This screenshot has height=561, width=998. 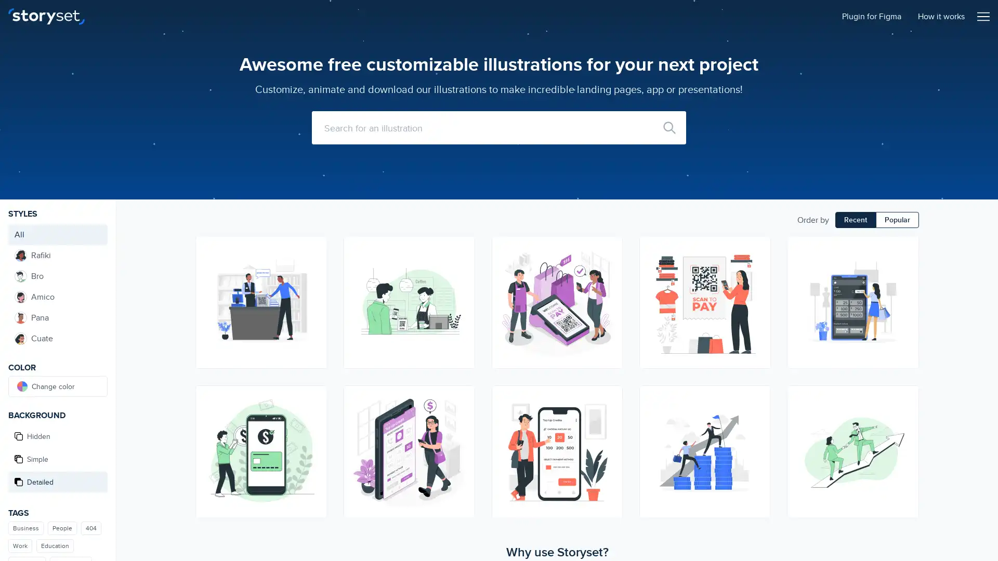 What do you see at coordinates (313, 416) in the screenshot?
I see `download icon Download` at bounding box center [313, 416].